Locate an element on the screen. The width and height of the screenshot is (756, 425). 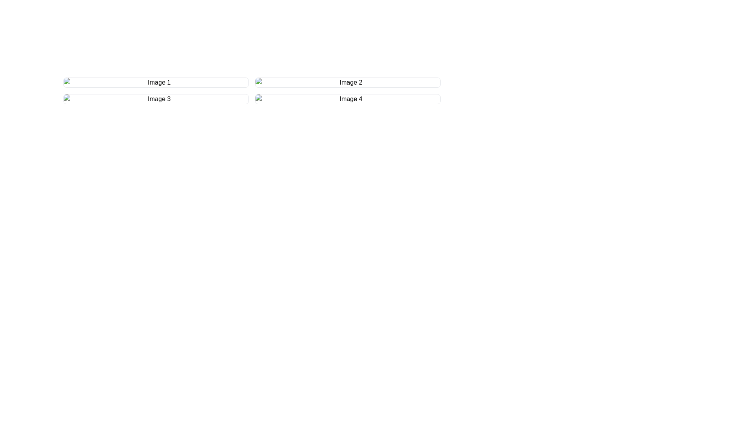
to select or activate the Interactive Card displaying 'Image 4', which is the last element in a 2x2 grid layout, with a white background and rounded corners is located at coordinates (347, 98).